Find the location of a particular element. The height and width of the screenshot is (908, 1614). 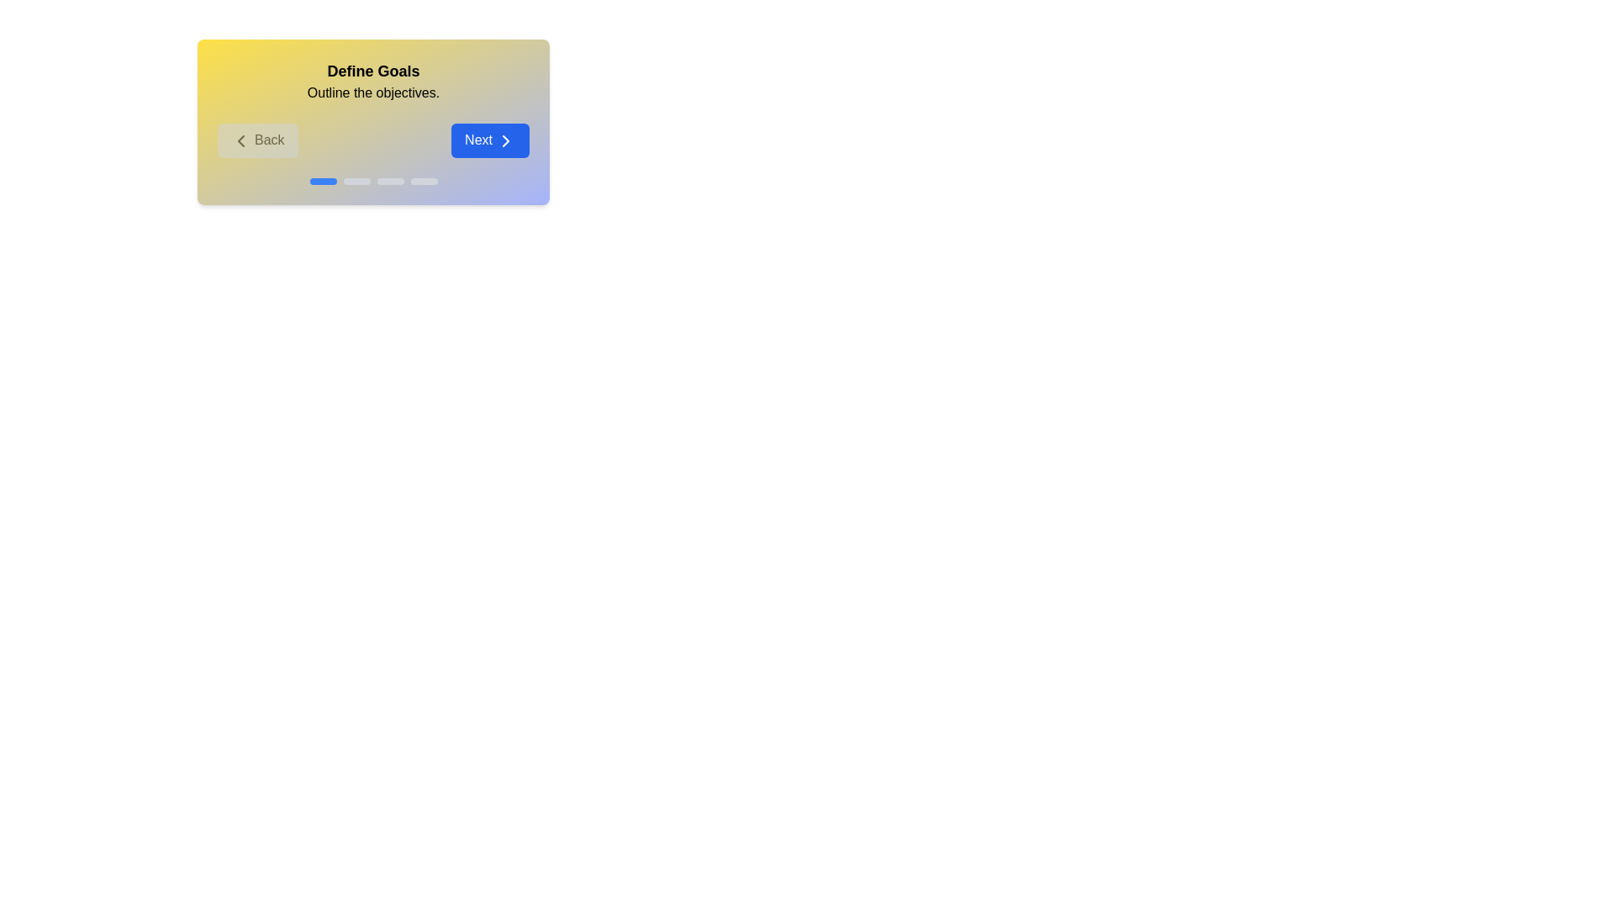

the Back button to navigate between stages is located at coordinates (256, 140).